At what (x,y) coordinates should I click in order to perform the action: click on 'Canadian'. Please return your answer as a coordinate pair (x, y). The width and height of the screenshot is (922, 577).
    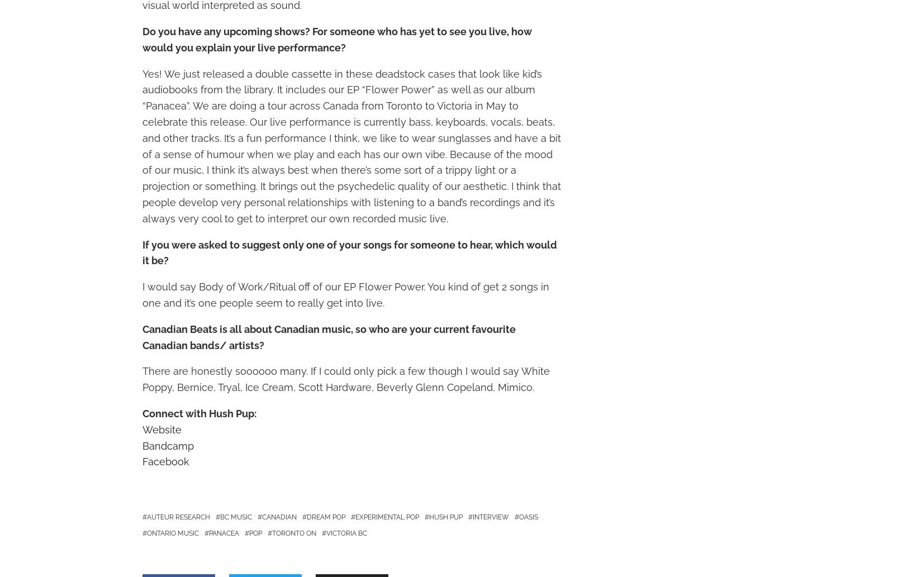
    Looking at the image, I should click on (278, 516).